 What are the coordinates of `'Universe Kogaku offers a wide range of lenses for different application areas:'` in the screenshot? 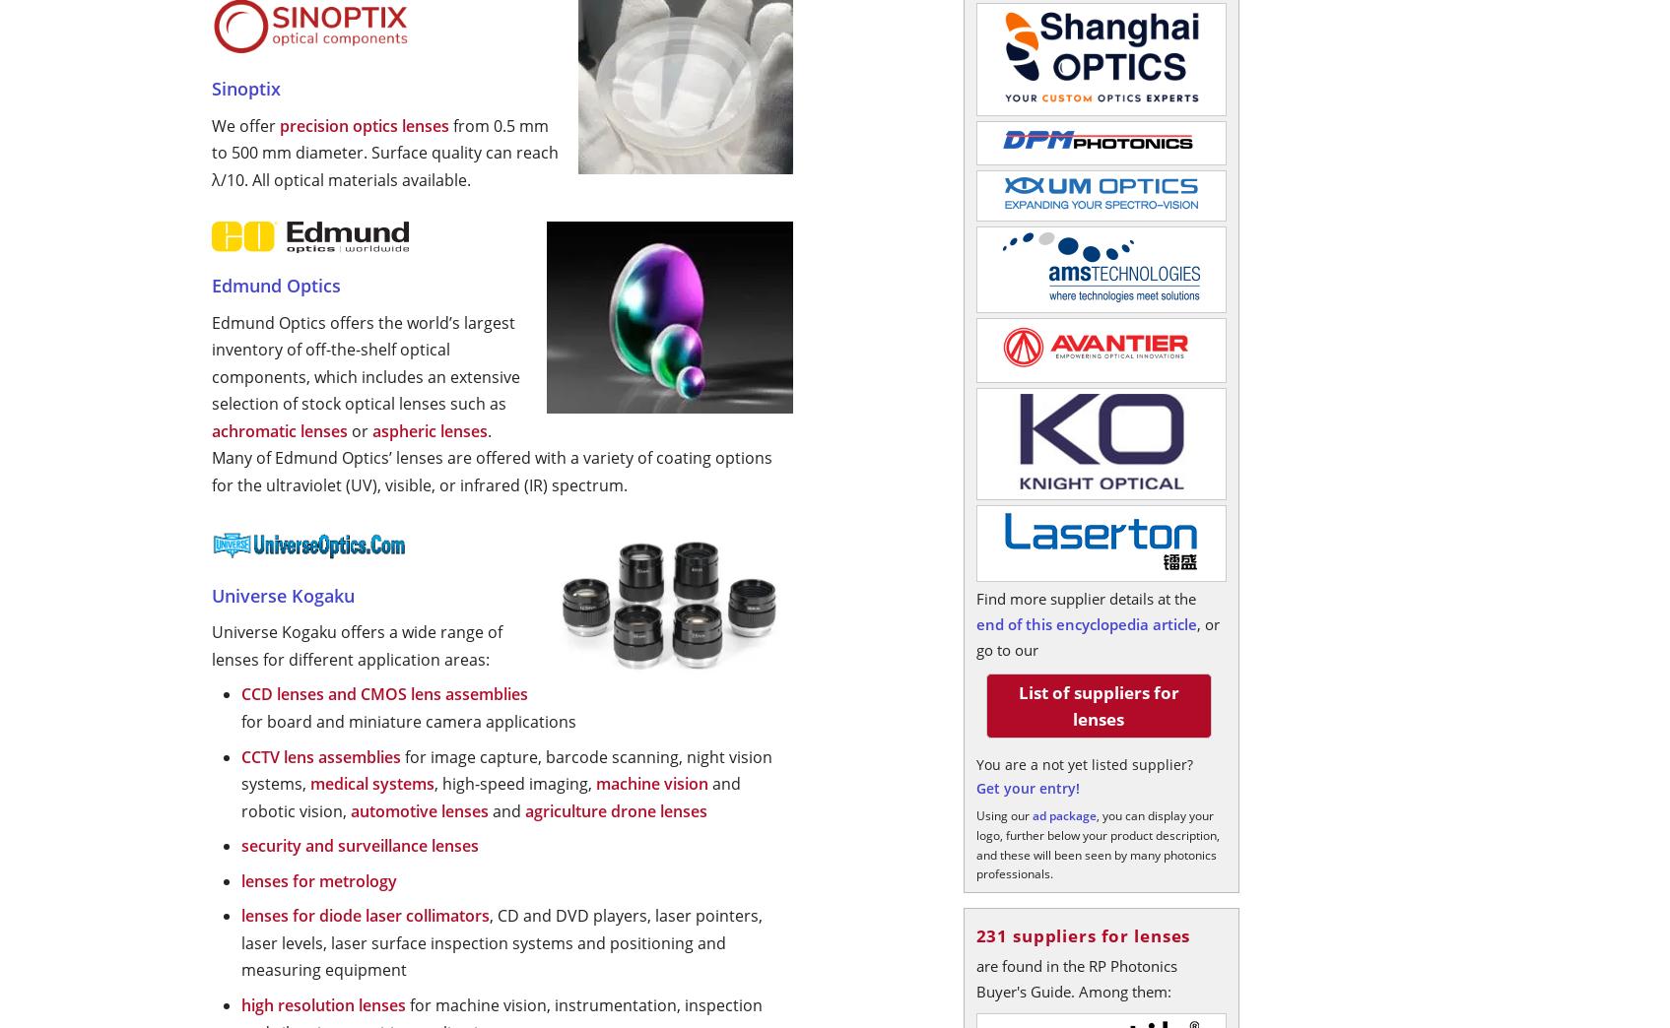 It's located at (356, 644).